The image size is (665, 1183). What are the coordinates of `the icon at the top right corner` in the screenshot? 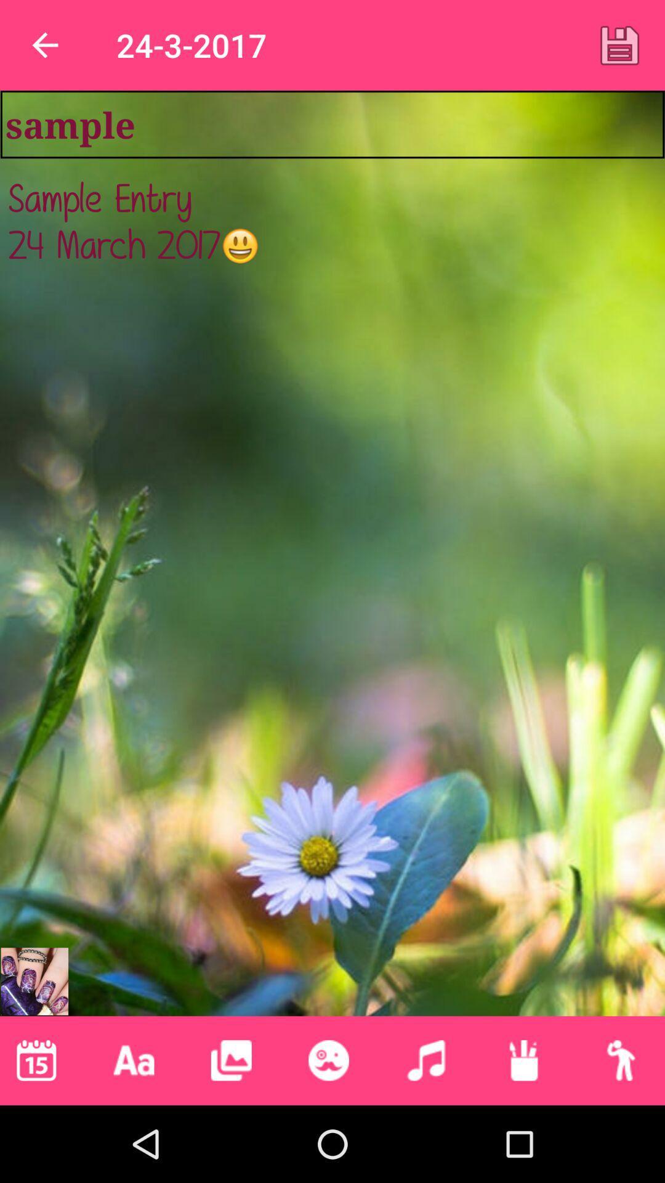 It's located at (619, 45).